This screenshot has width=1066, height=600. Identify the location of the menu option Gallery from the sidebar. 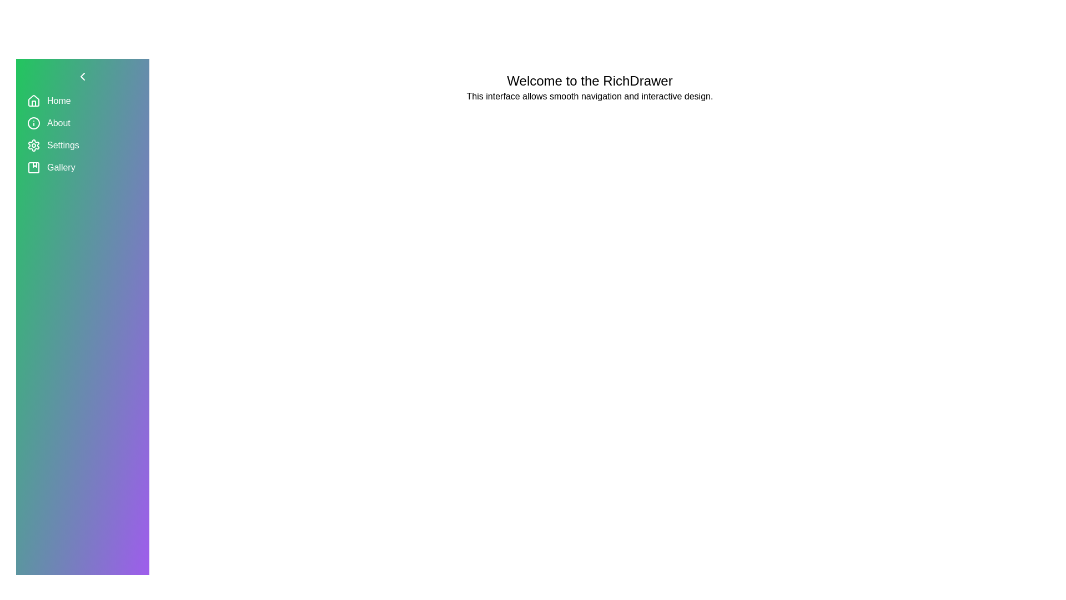
(82, 167).